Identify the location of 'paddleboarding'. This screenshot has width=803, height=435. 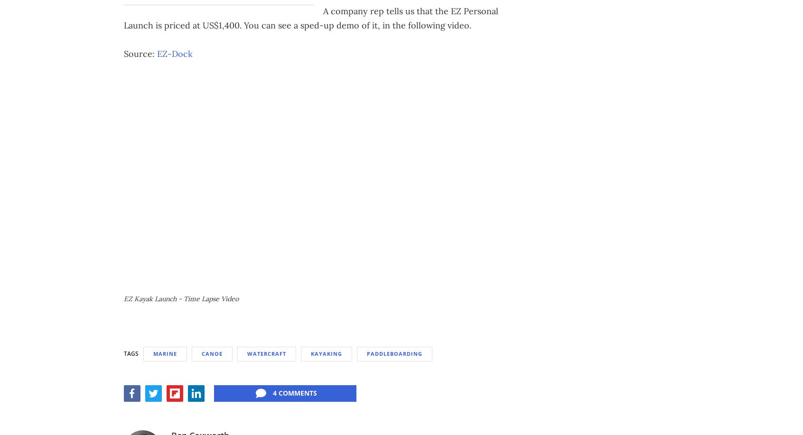
(394, 352).